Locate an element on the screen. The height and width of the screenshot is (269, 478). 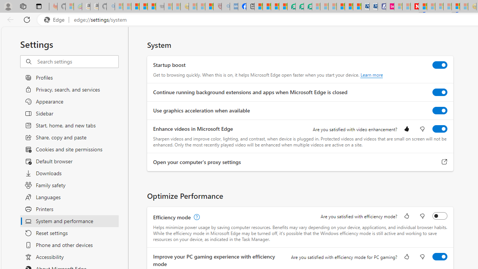
'Recipes - MSN - Sleeping' is located at coordinates (193, 6).